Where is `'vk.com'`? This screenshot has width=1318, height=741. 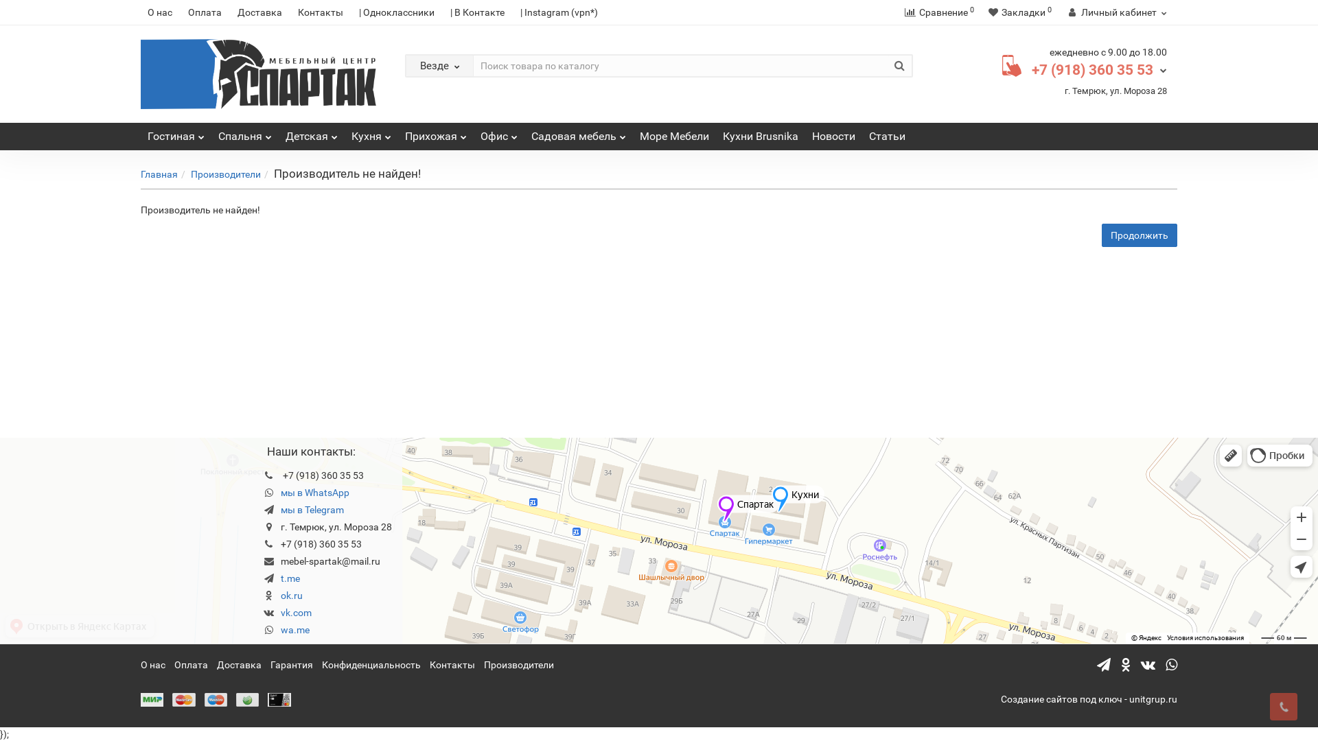
'vk.com' is located at coordinates (295, 612).